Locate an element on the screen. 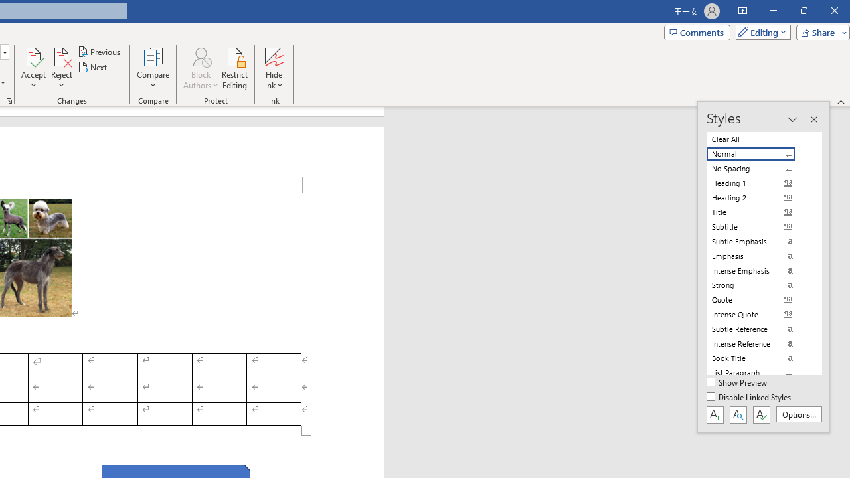 The image size is (850, 478). 'Intense Reference' is located at coordinates (758, 343).